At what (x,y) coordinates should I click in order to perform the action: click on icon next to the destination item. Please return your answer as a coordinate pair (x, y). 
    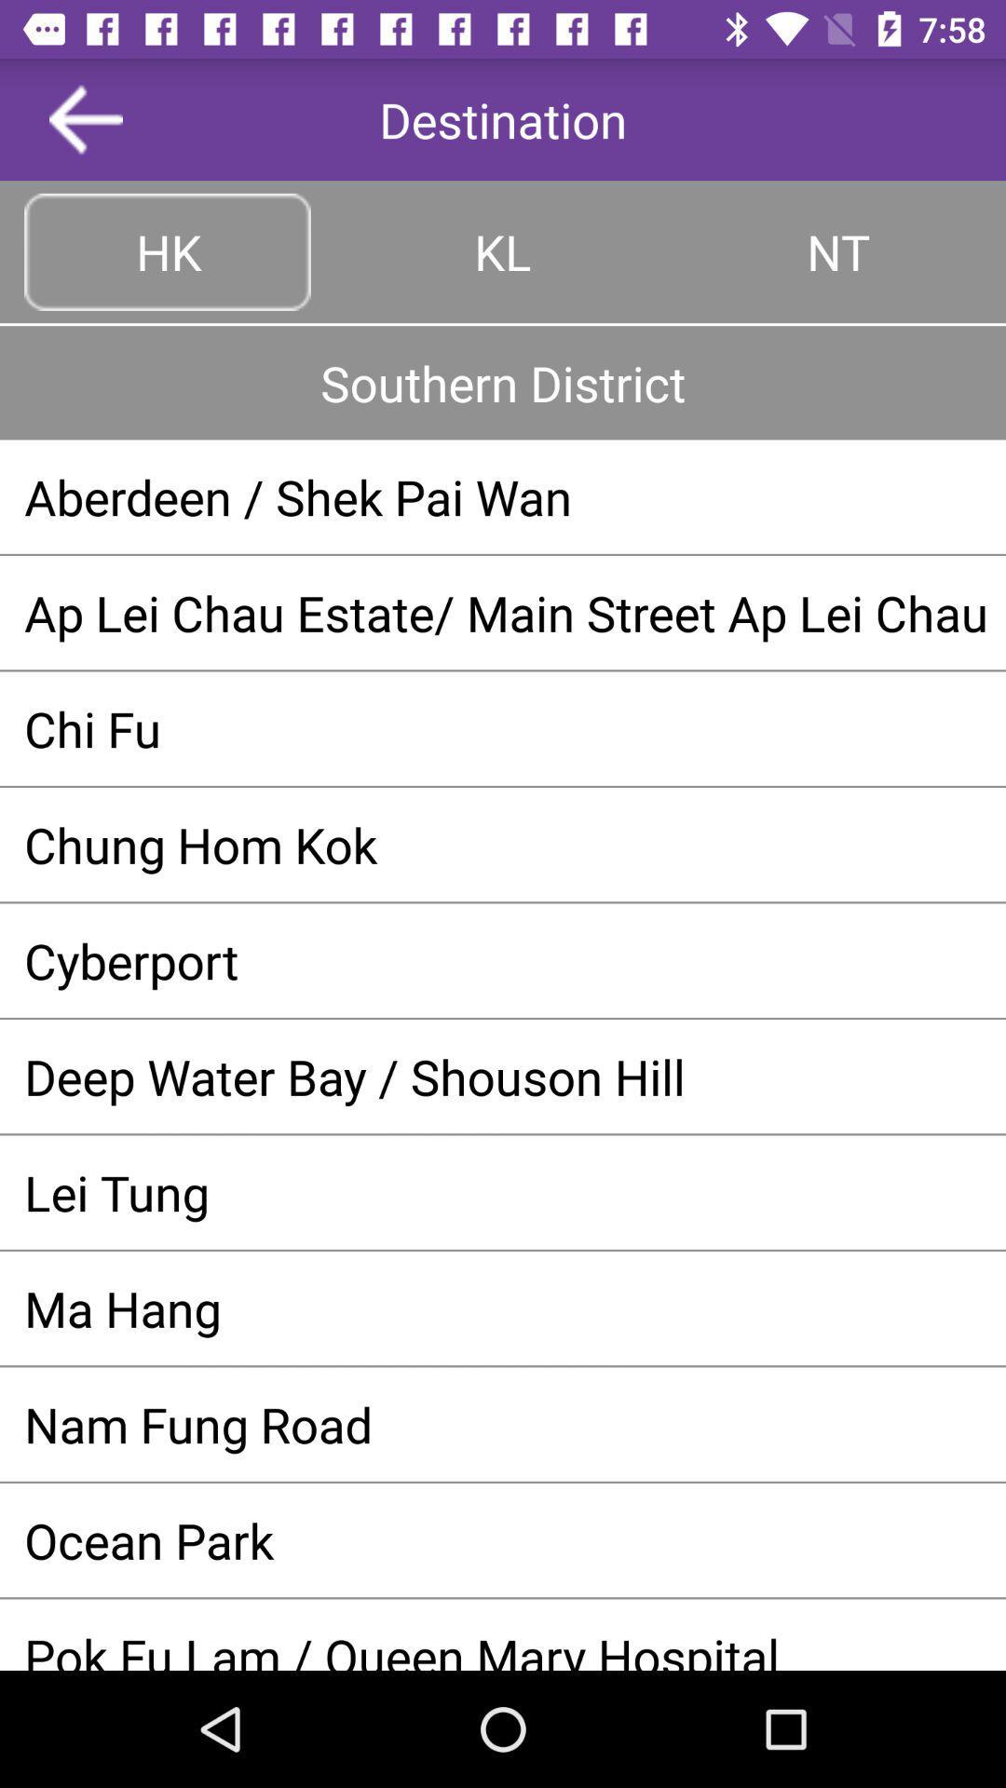
    Looking at the image, I should click on (86, 118).